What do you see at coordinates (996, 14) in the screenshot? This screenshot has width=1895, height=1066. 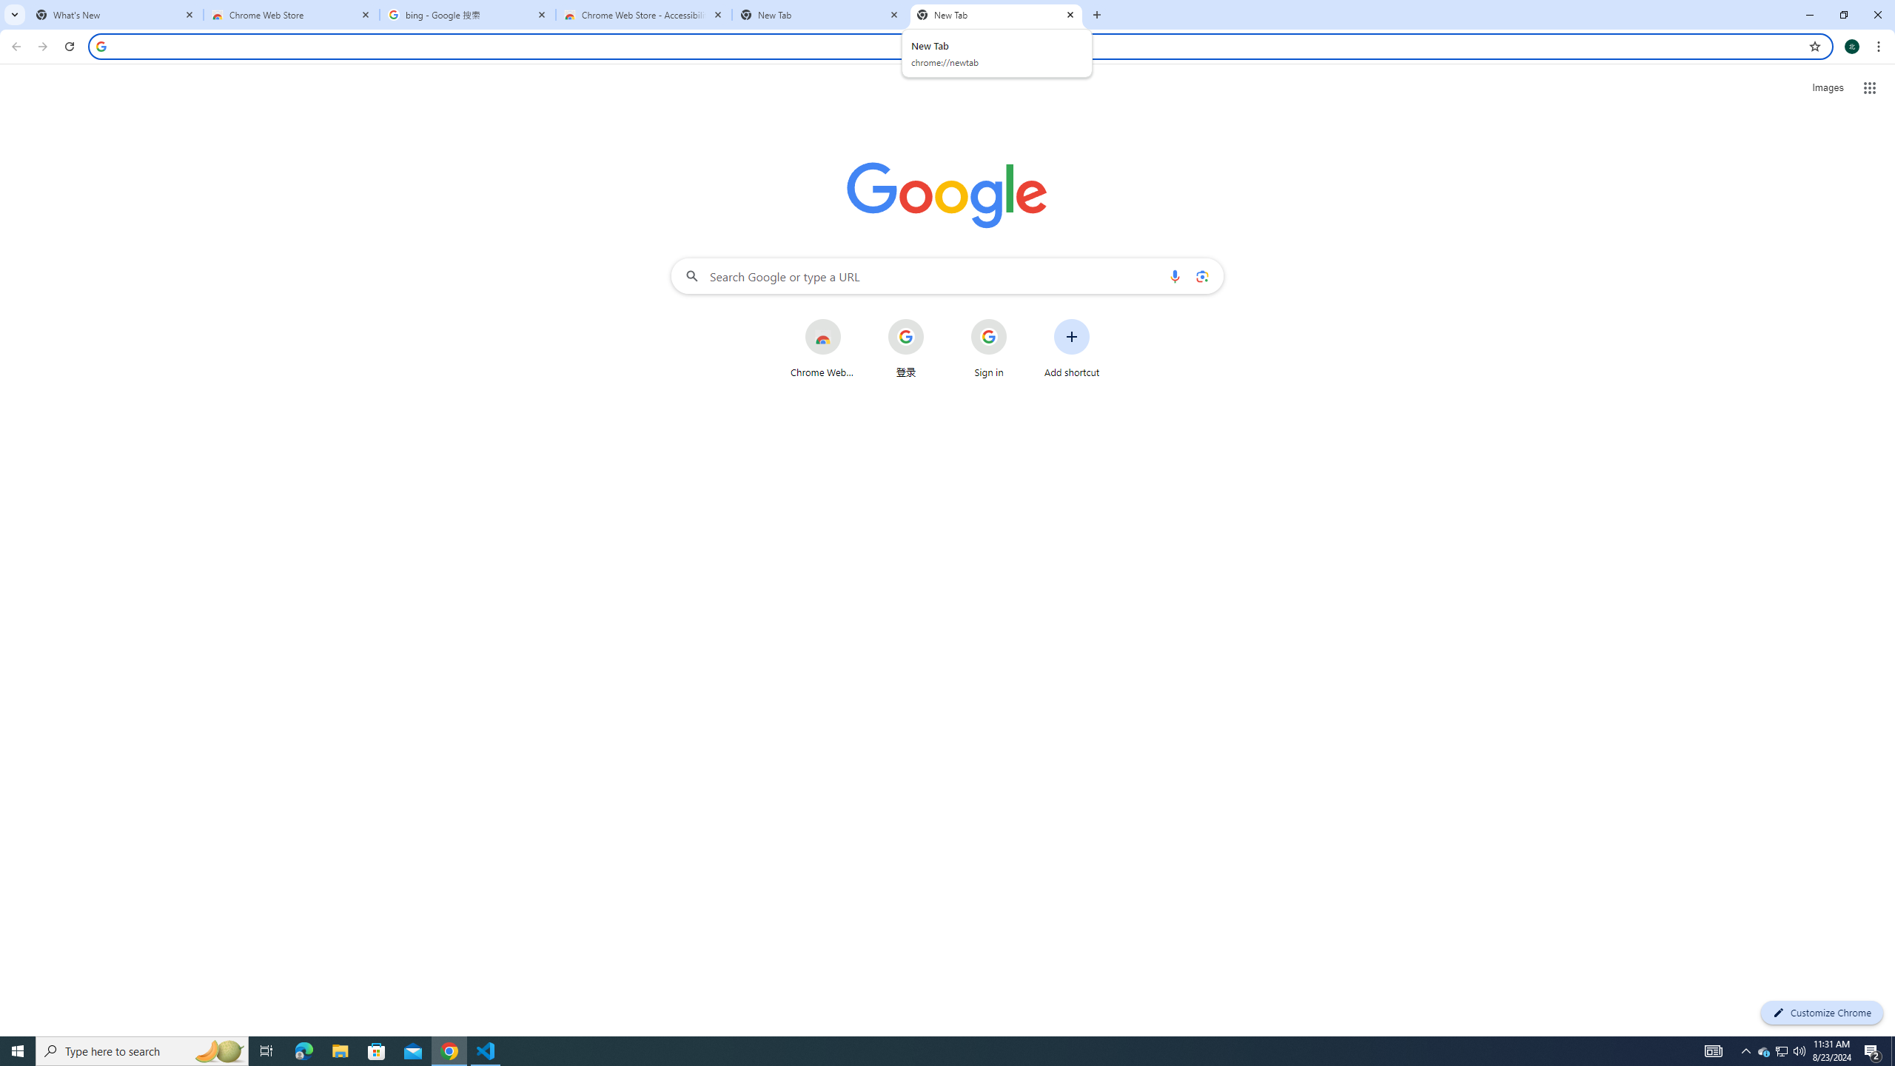 I see `'New Tab'` at bounding box center [996, 14].